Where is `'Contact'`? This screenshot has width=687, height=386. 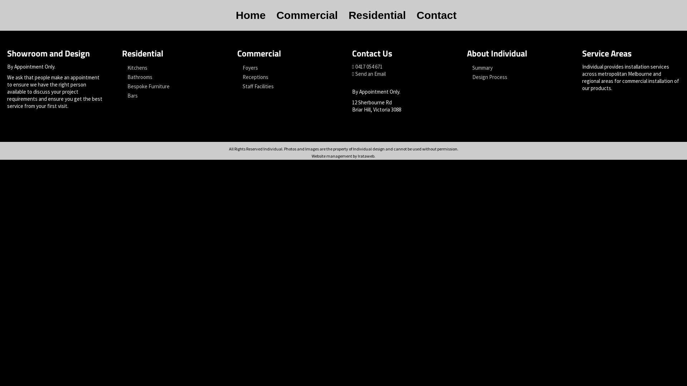 'Contact' is located at coordinates (436, 15).